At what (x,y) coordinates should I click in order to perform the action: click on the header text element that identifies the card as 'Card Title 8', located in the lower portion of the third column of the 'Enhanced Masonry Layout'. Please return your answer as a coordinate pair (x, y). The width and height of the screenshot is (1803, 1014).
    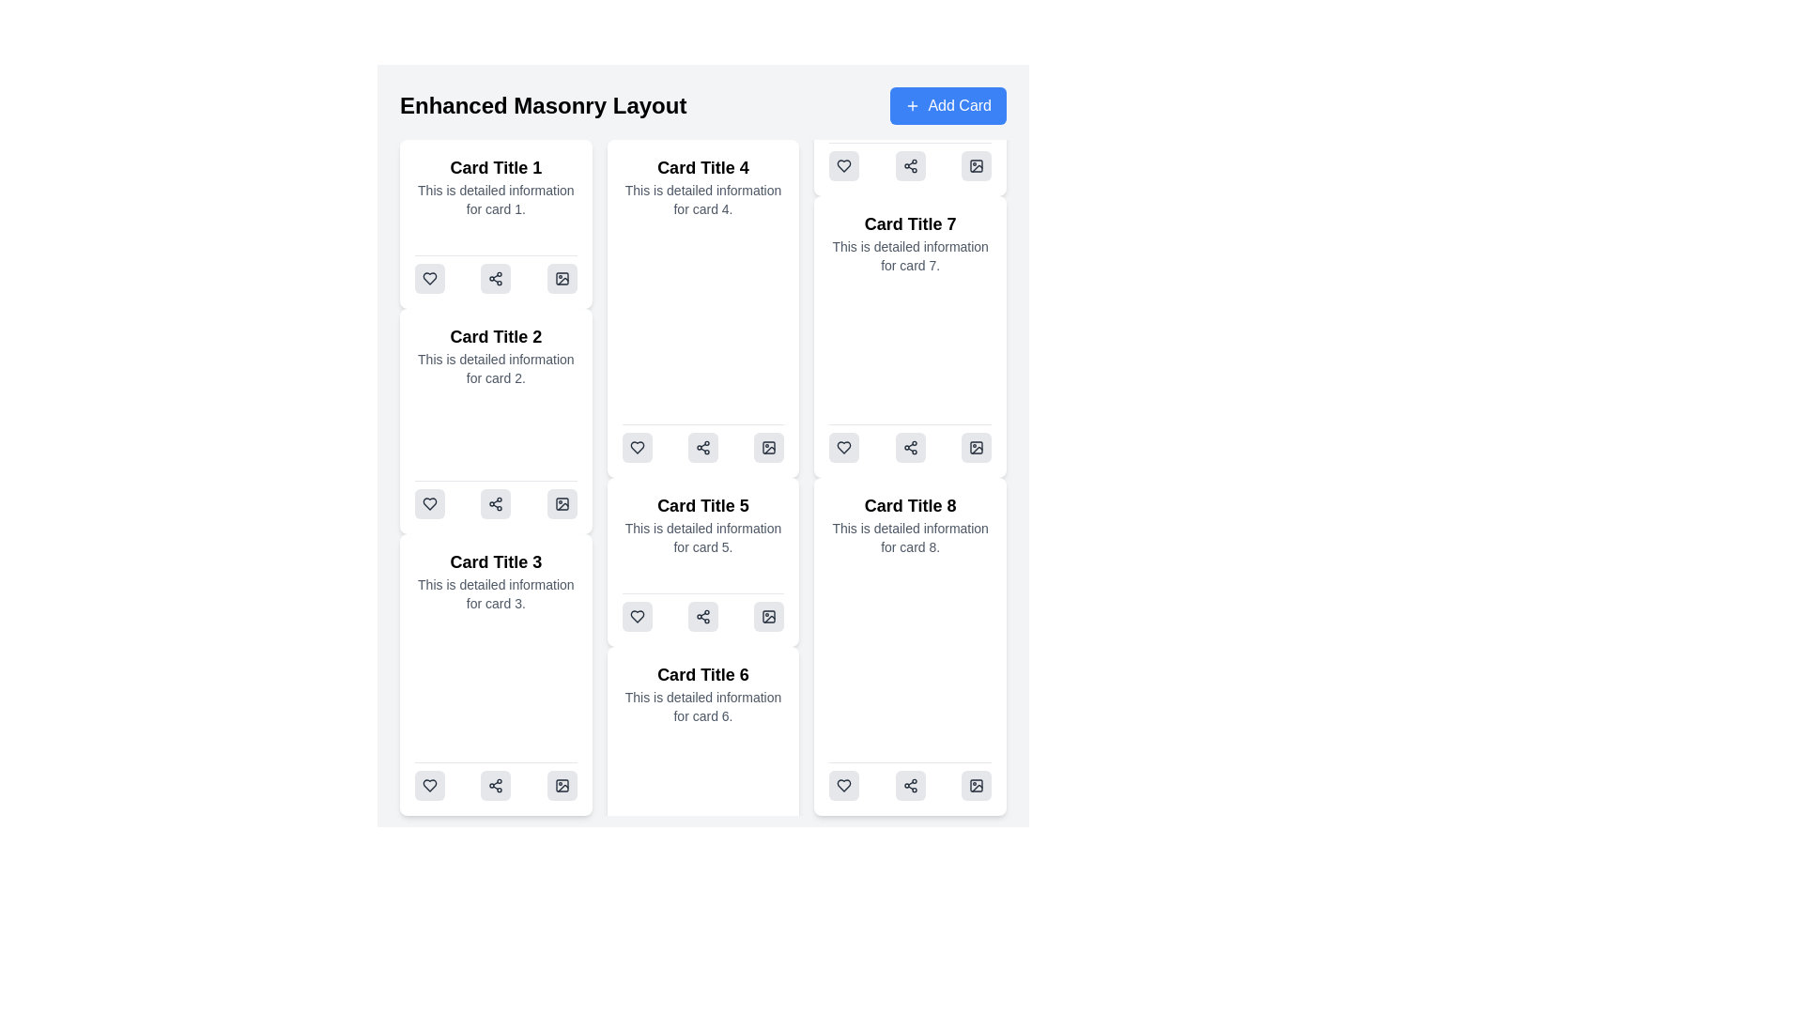
    Looking at the image, I should click on (910, 505).